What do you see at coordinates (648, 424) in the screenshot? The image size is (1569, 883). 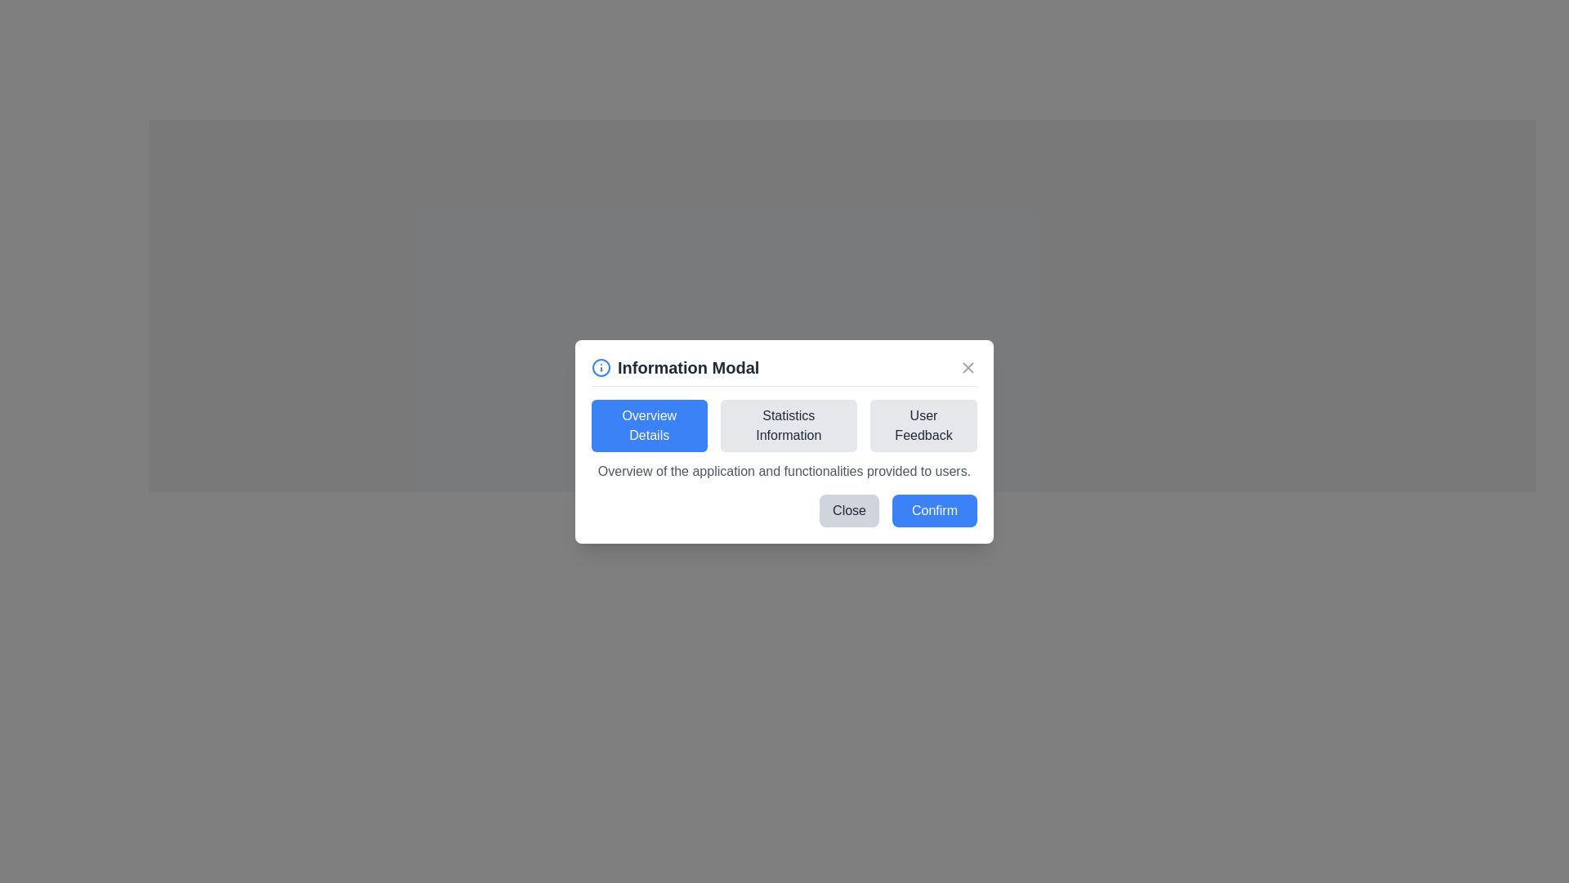 I see `the first button in the group of three sibling buttons within the modal dialog that displays the 'Overview Details' section` at bounding box center [648, 424].